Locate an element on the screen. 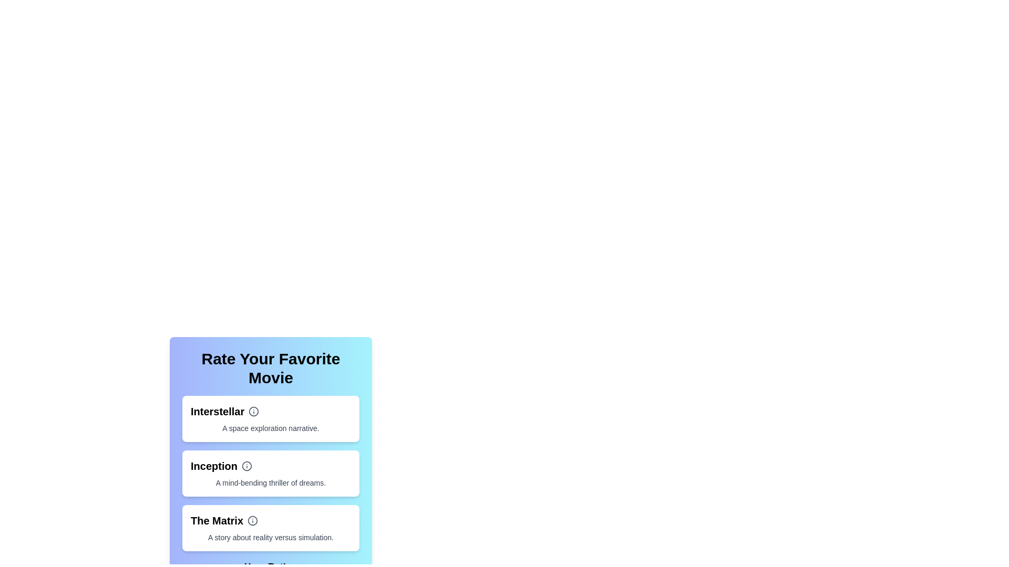 The image size is (1009, 567). the Interactive Icon adjacent to the text 'Inception' in the list of movie options is located at coordinates (246, 465).